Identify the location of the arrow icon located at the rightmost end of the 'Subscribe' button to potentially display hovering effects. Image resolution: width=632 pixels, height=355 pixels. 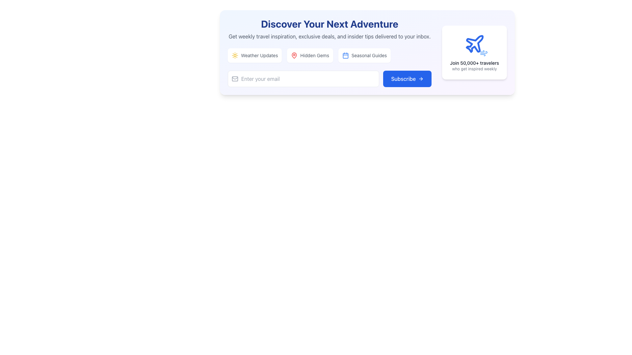
(421, 78).